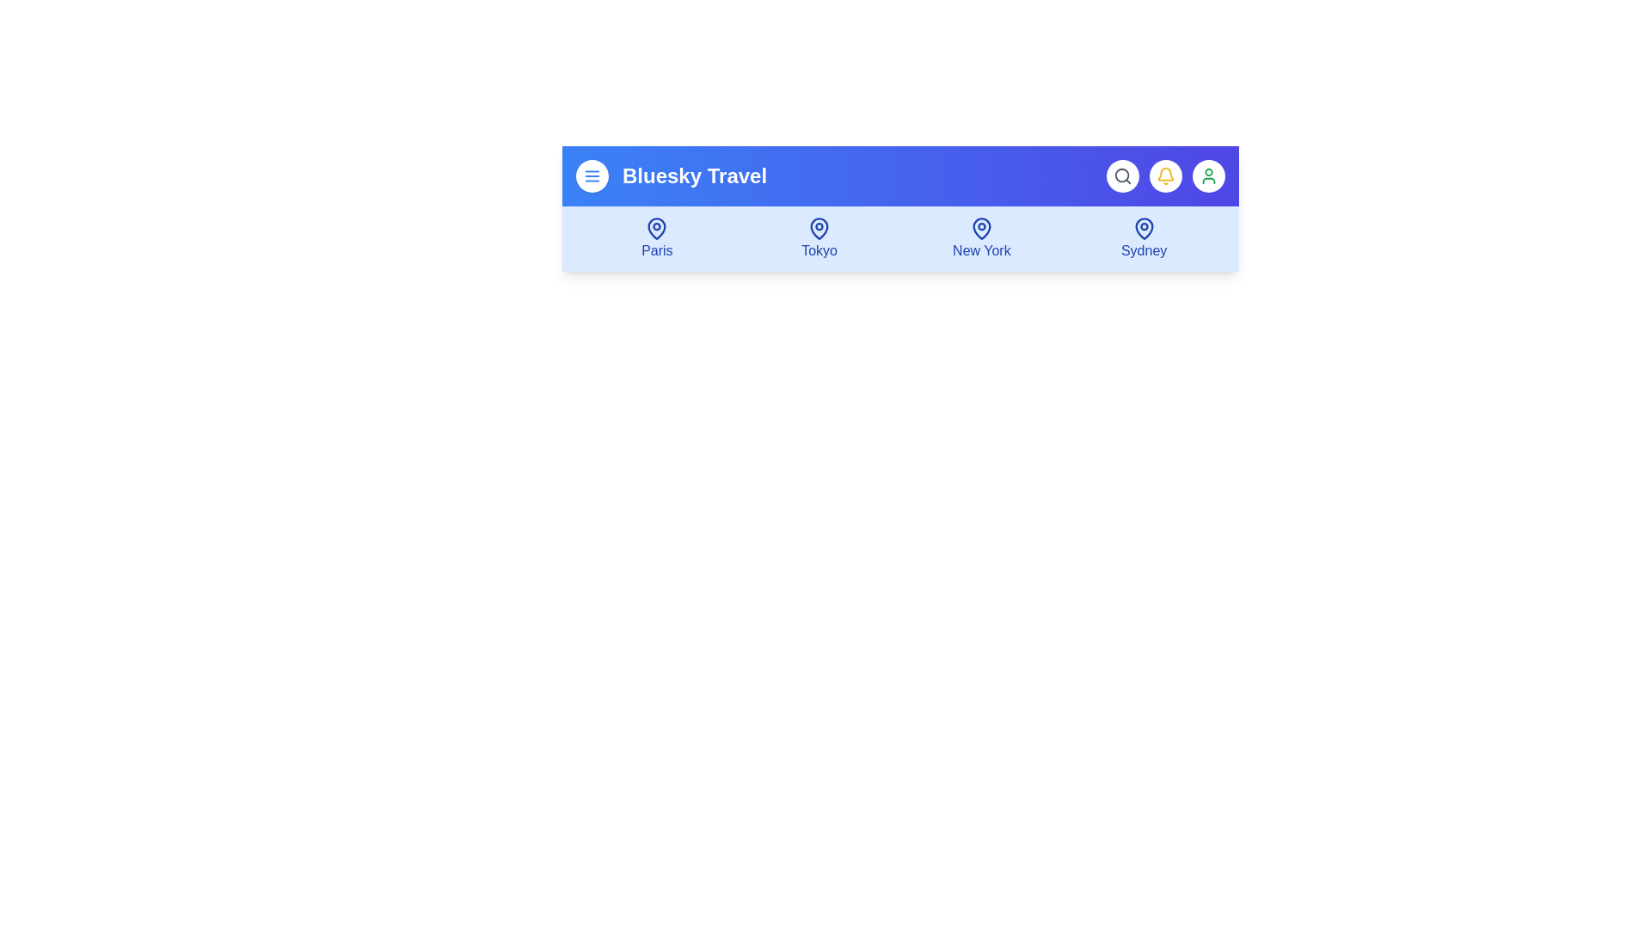 This screenshot has height=929, width=1651. What do you see at coordinates (1166, 175) in the screenshot?
I see `the 'Notifications' button represented by the bell icon` at bounding box center [1166, 175].